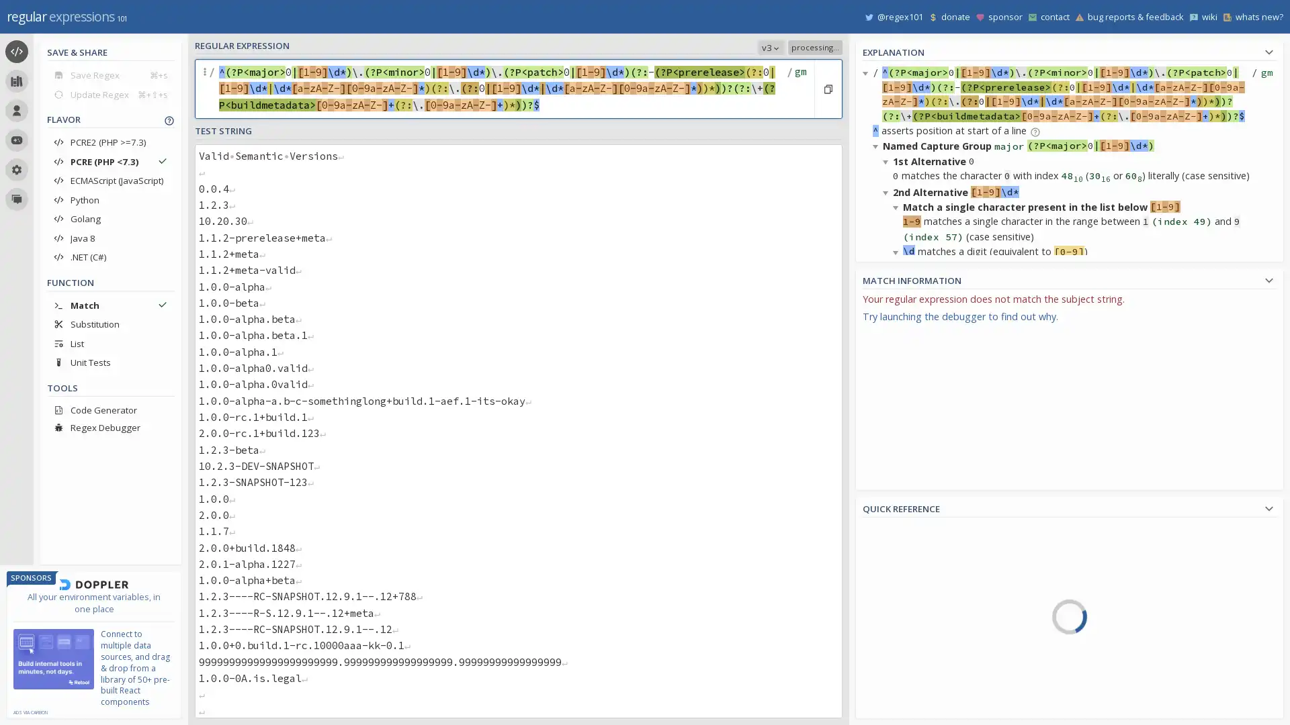 This screenshot has width=1290, height=725. What do you see at coordinates (110, 180) in the screenshot?
I see `ECMAScript (JavaScript)` at bounding box center [110, 180].